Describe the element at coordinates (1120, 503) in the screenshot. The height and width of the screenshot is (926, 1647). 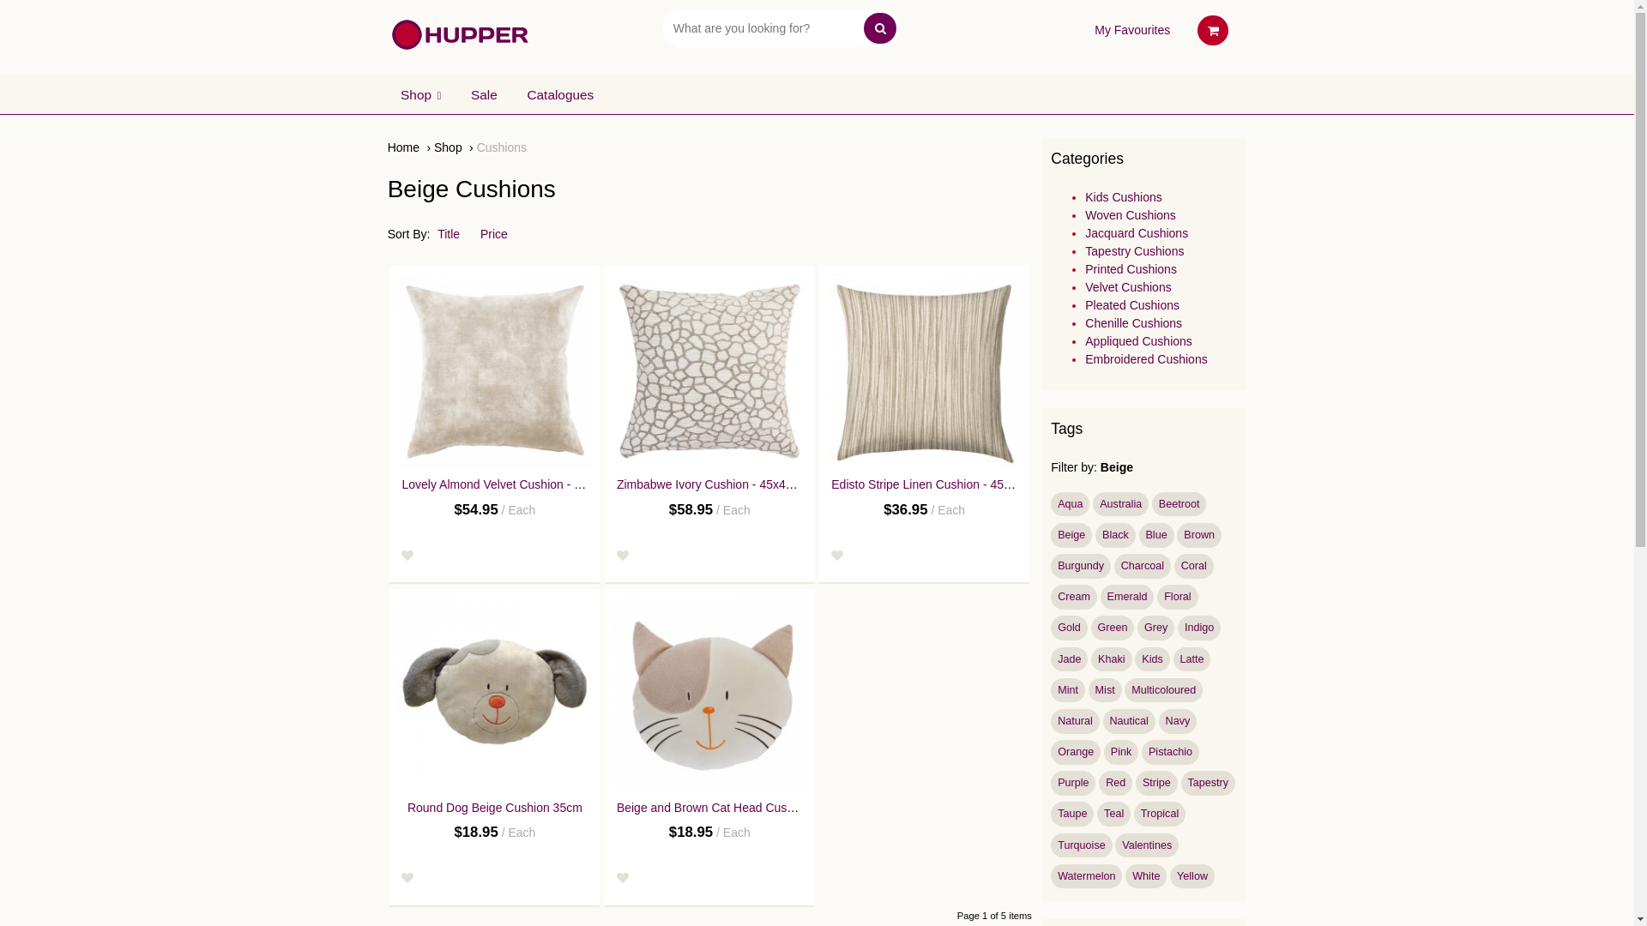
I see `'Australia'` at that location.